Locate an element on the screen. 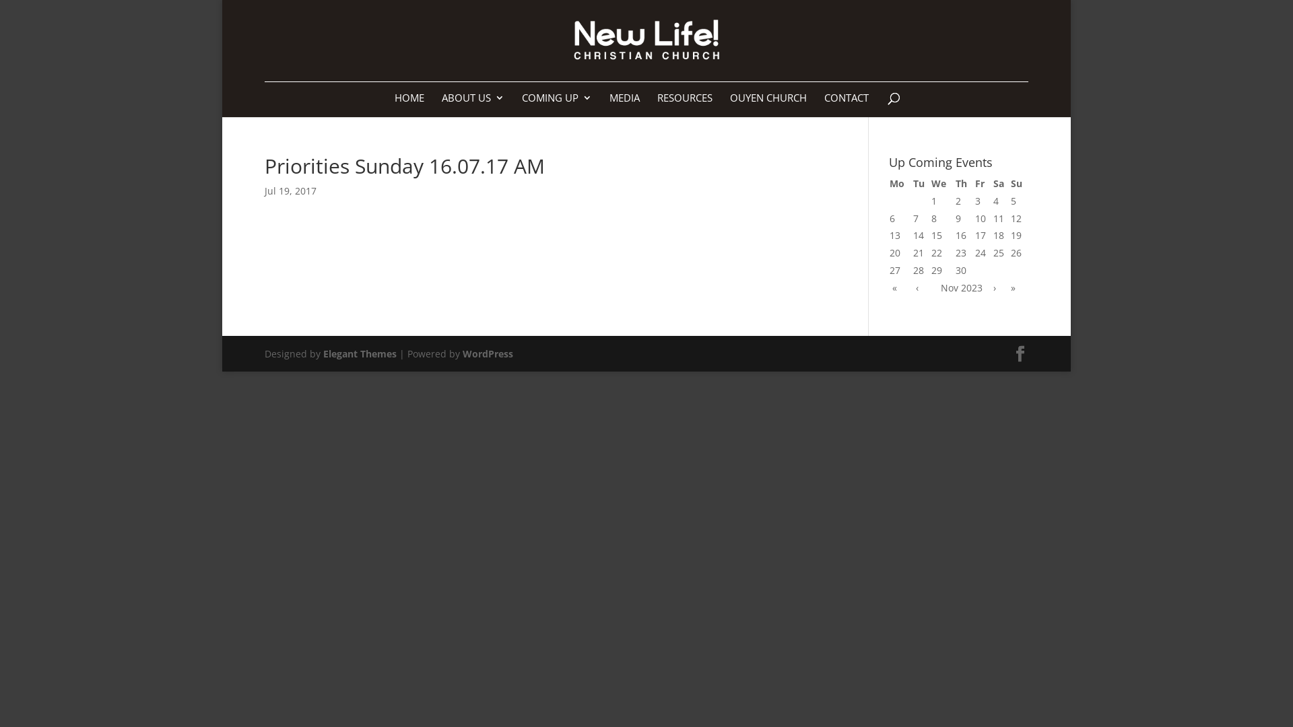 This screenshot has width=1293, height=727. 'MEDIA' is located at coordinates (624, 104).